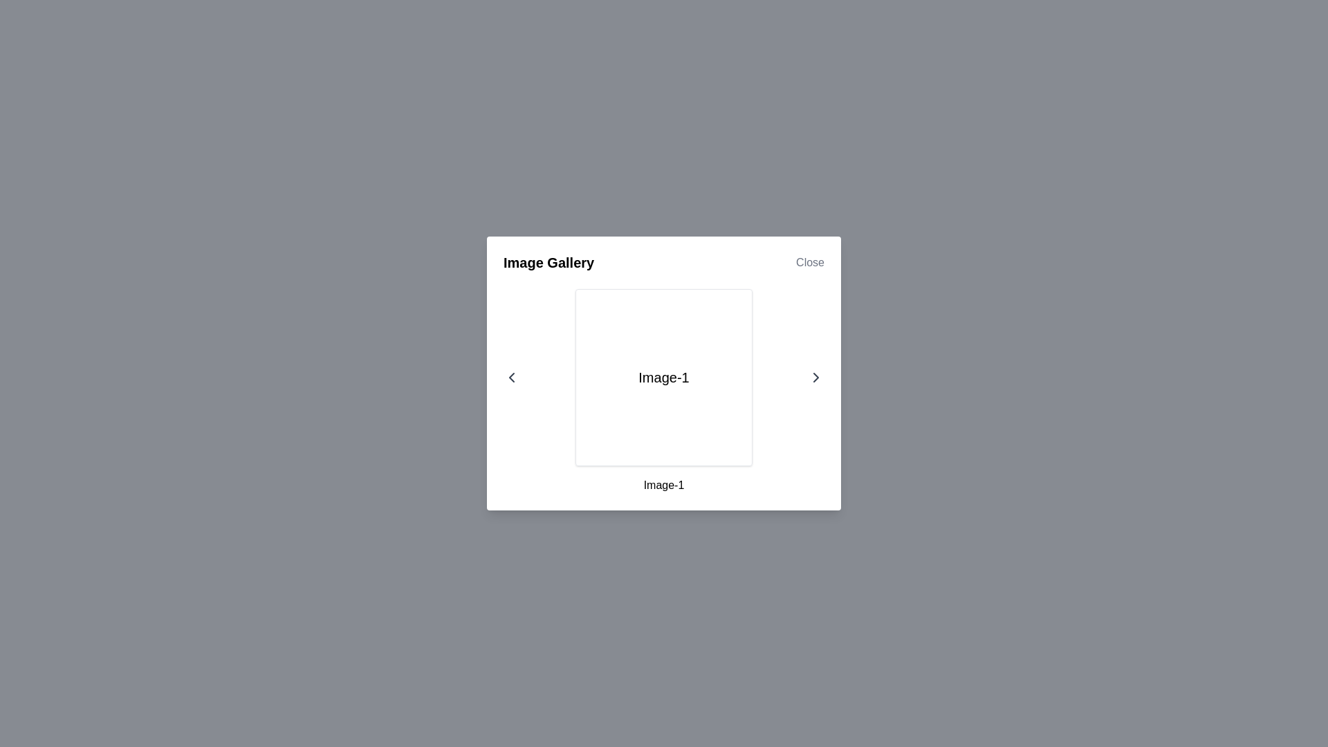 The height and width of the screenshot is (747, 1328). I want to click on the right navigation button to move to the next image, so click(816, 378).